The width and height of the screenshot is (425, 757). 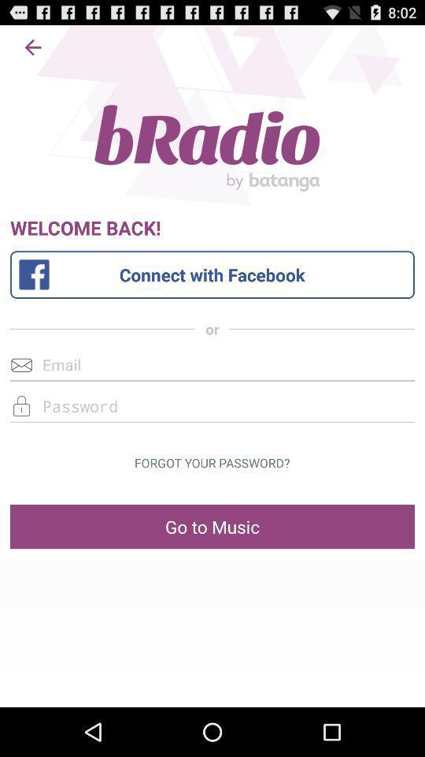 I want to click on password, so click(x=213, y=405).